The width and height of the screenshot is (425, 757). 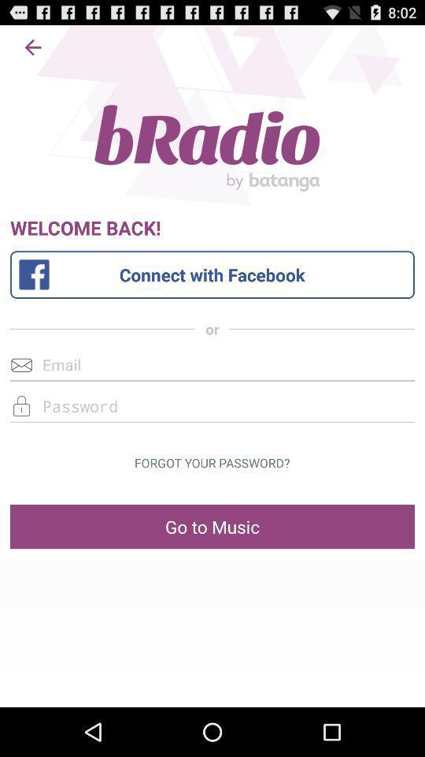 I want to click on password, so click(x=213, y=405).